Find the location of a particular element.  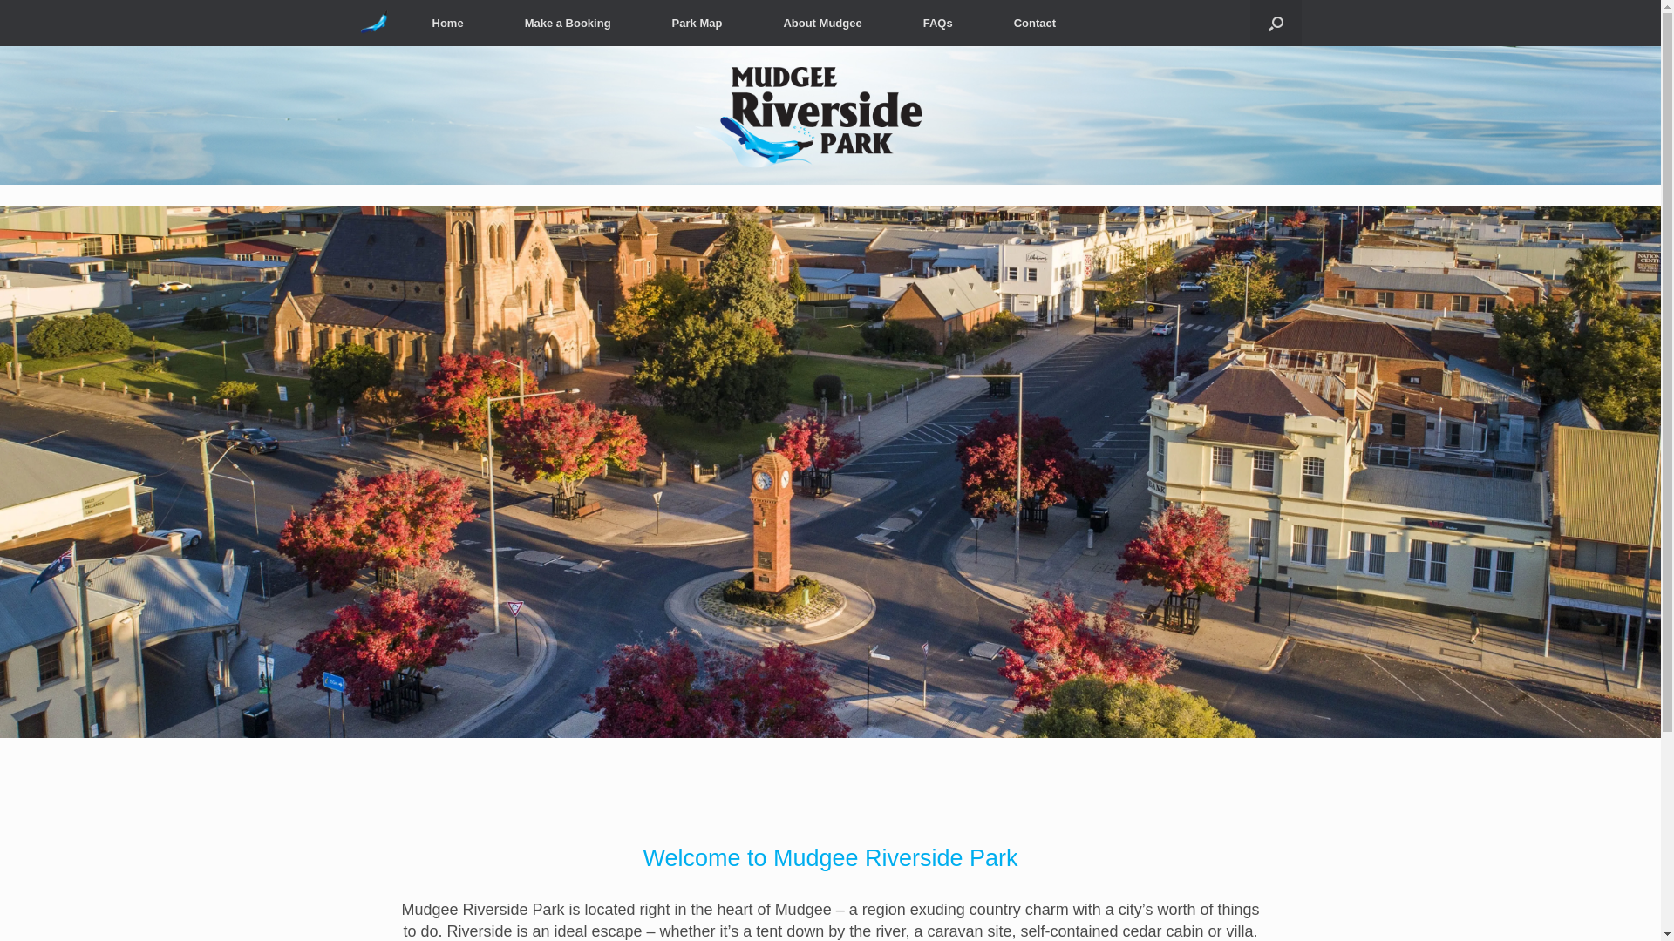

'FAQs' is located at coordinates (892, 23).